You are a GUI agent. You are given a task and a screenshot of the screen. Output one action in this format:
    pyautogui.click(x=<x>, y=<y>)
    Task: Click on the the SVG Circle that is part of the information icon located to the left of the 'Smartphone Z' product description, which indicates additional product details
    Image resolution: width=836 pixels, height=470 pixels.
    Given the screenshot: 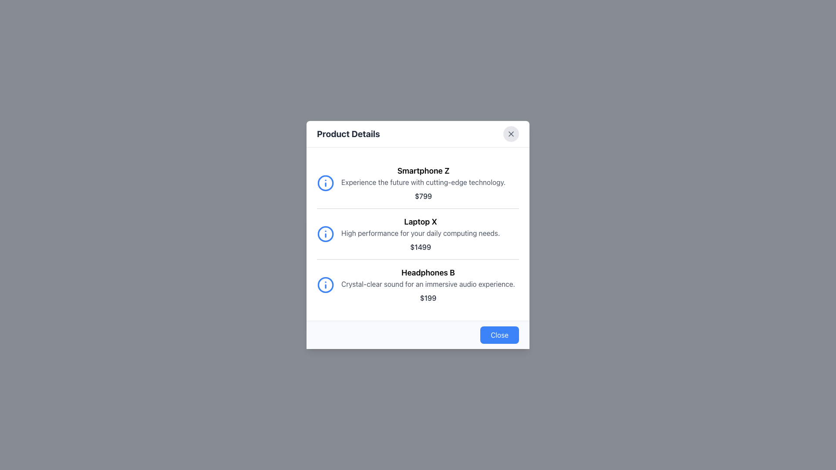 What is the action you would take?
    pyautogui.click(x=325, y=182)
    